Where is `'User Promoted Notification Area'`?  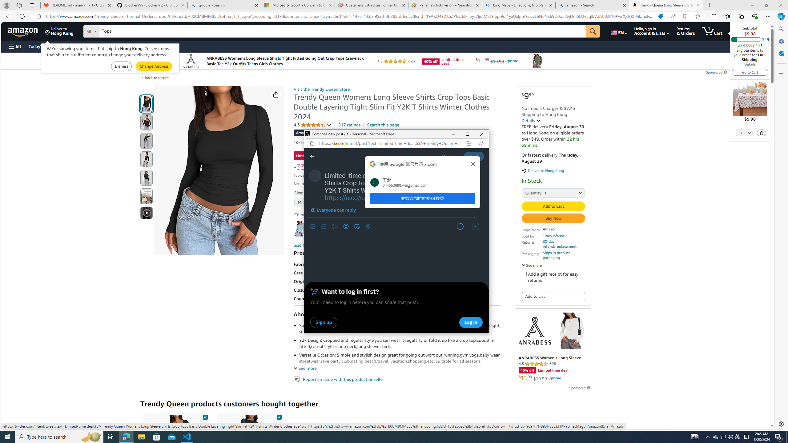 'User Promoted Notification Area' is located at coordinates (723, 436).